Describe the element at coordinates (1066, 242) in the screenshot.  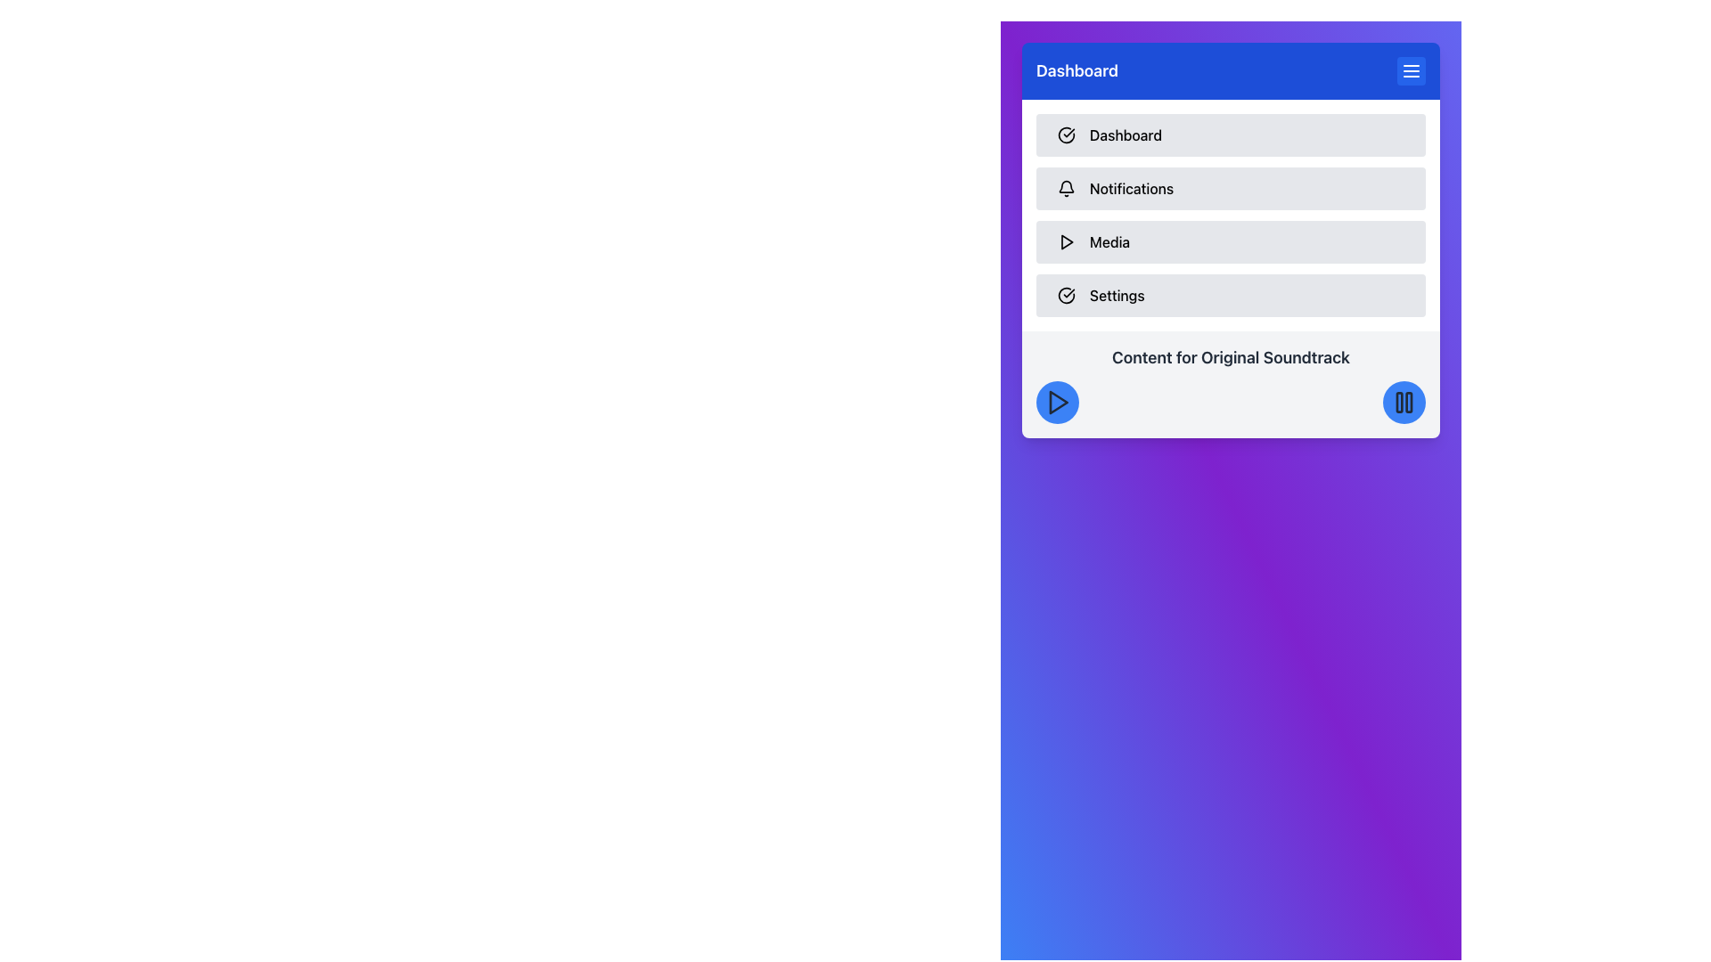
I see `the decorative 'play' icon located to the left of the 'Media' text label in the navigation options` at that location.